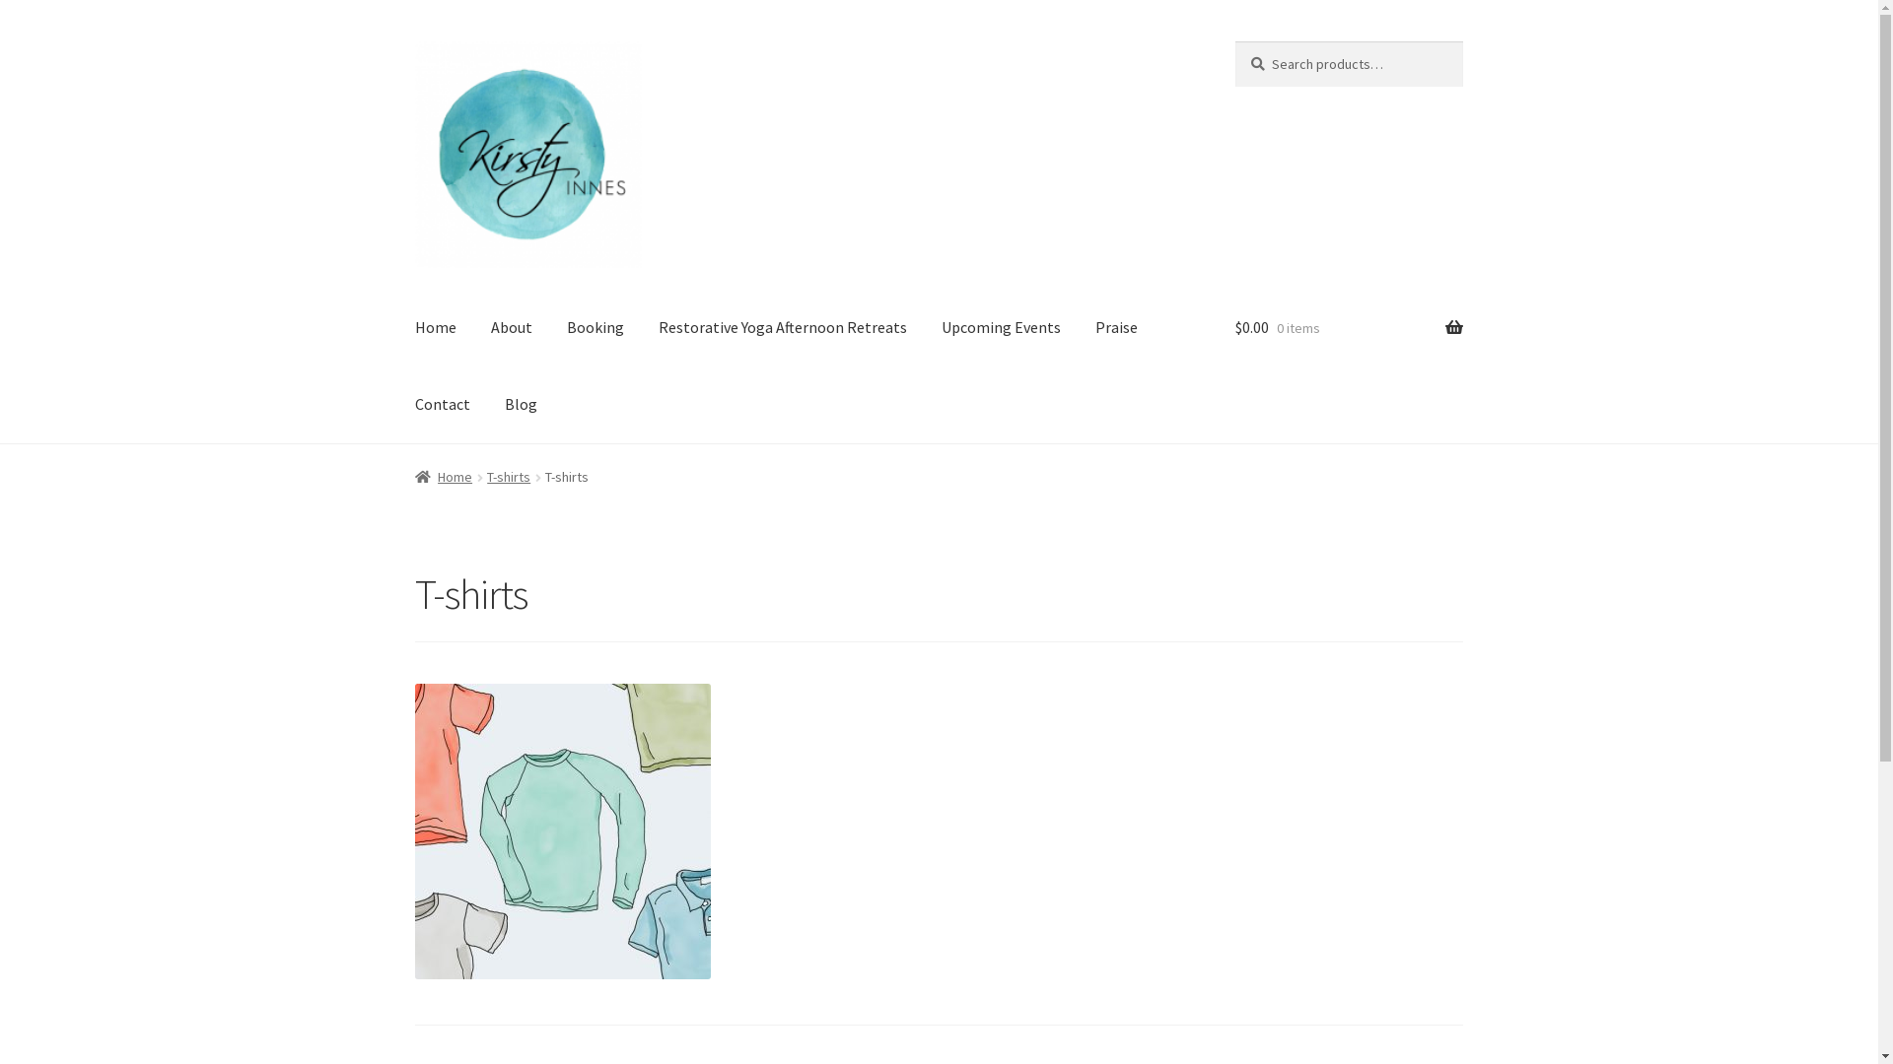  Describe the element at coordinates (442, 404) in the screenshot. I see `'Contact'` at that location.